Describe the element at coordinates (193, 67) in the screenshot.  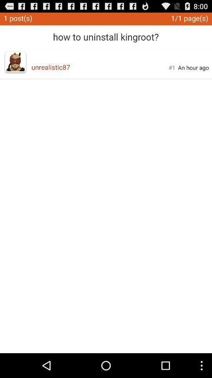
I see `the icon to the right of #1` at that location.